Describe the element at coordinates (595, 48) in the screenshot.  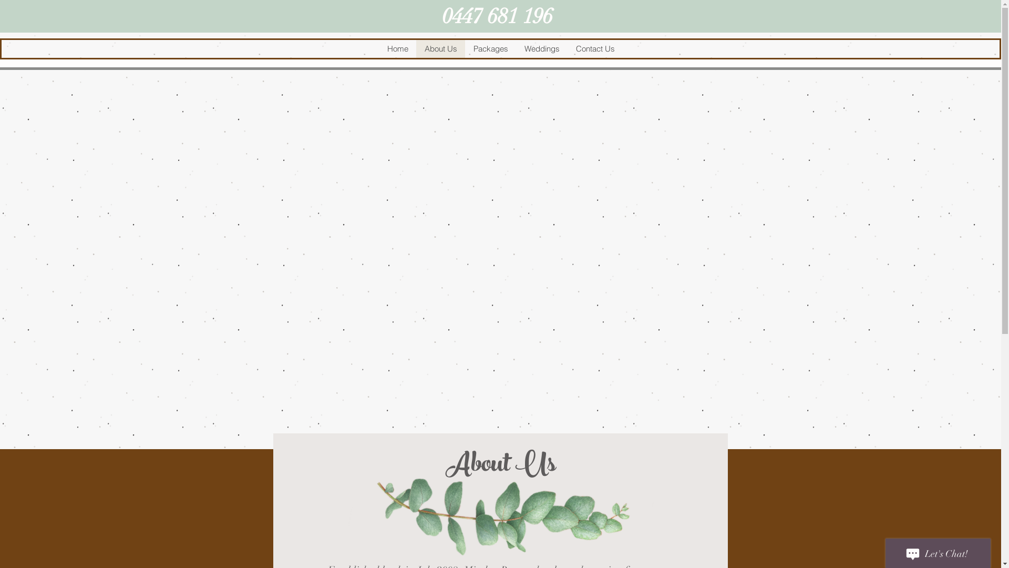
I see `'Contact Us'` at that location.